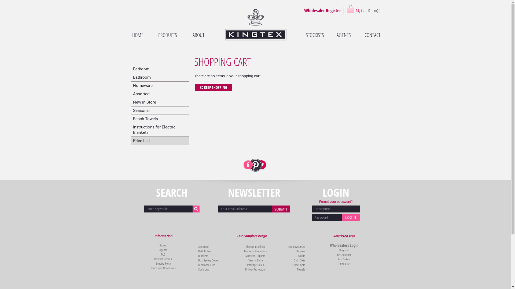  I want to click on 'CONTACT', so click(370, 35).